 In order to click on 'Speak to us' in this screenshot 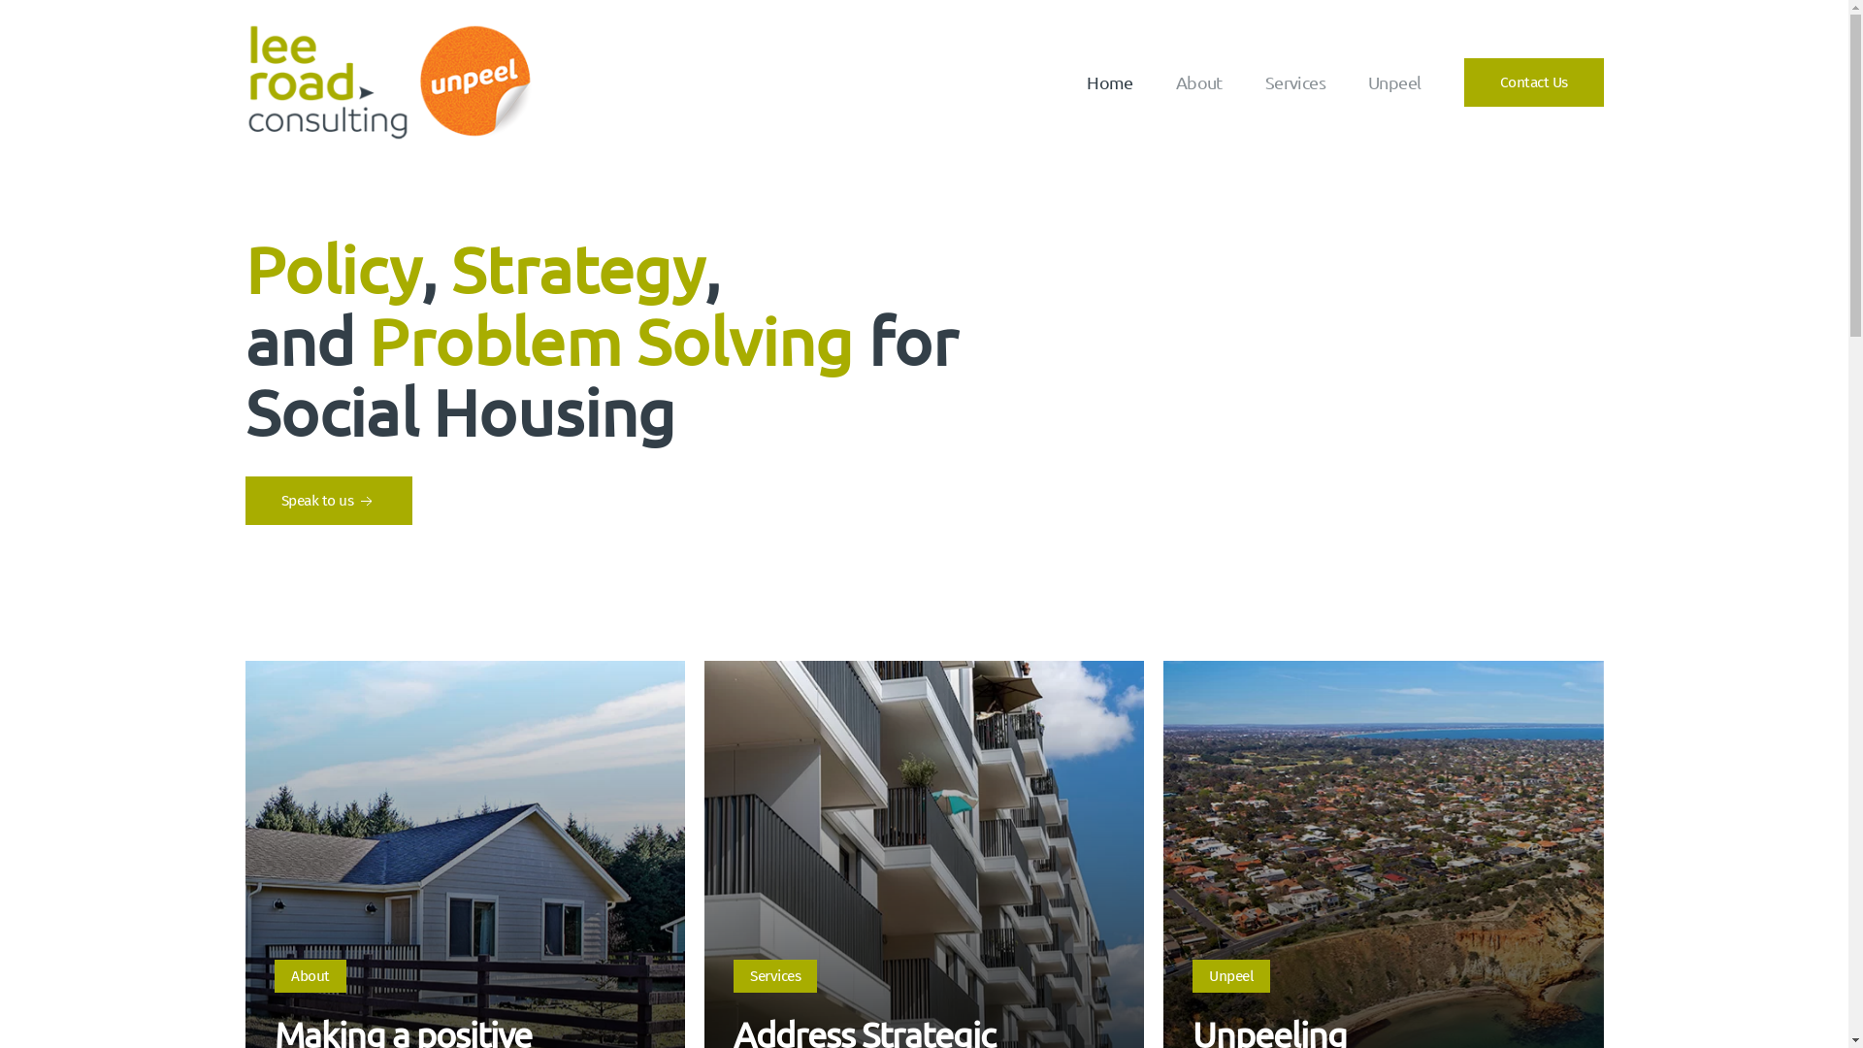, I will do `click(327, 500)`.